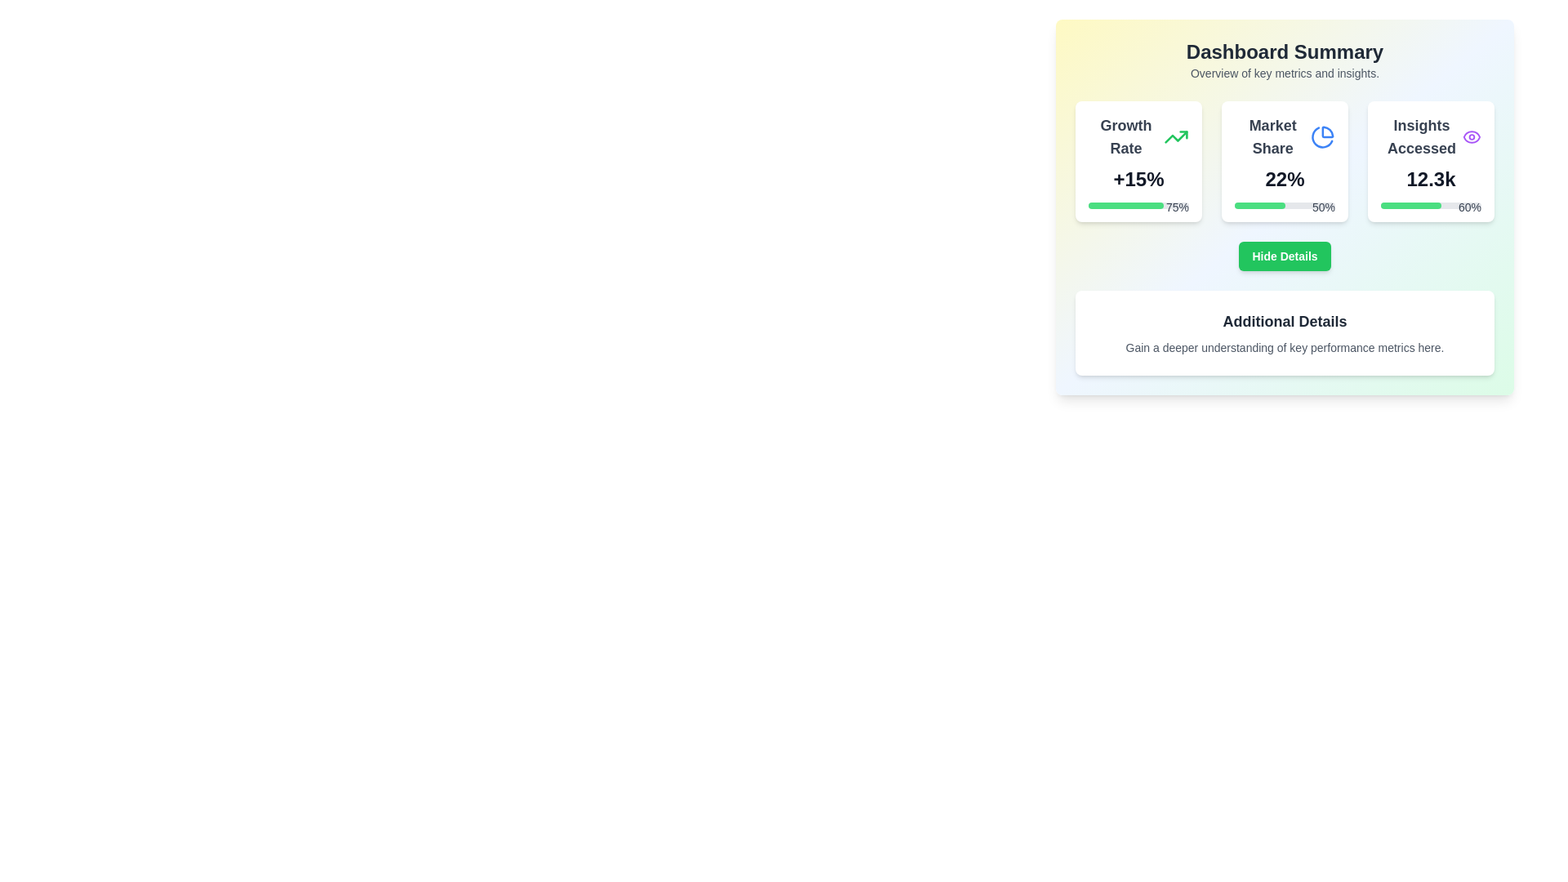  I want to click on text label that serves as the title for the market share section, positioned in the center of the dashboard between the 'Growth Rate' and 'Insights Accessed' cards, so click(1284, 136).